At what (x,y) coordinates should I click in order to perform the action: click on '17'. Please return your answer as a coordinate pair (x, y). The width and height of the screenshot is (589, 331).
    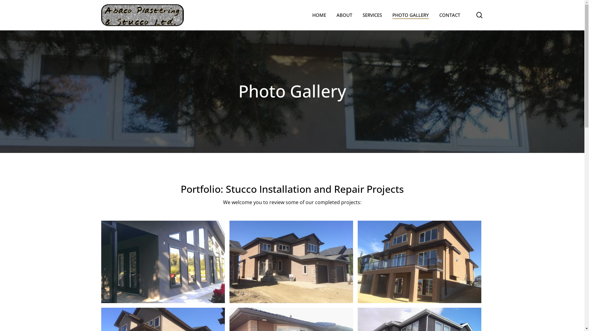
    Looking at the image, I should click on (419, 262).